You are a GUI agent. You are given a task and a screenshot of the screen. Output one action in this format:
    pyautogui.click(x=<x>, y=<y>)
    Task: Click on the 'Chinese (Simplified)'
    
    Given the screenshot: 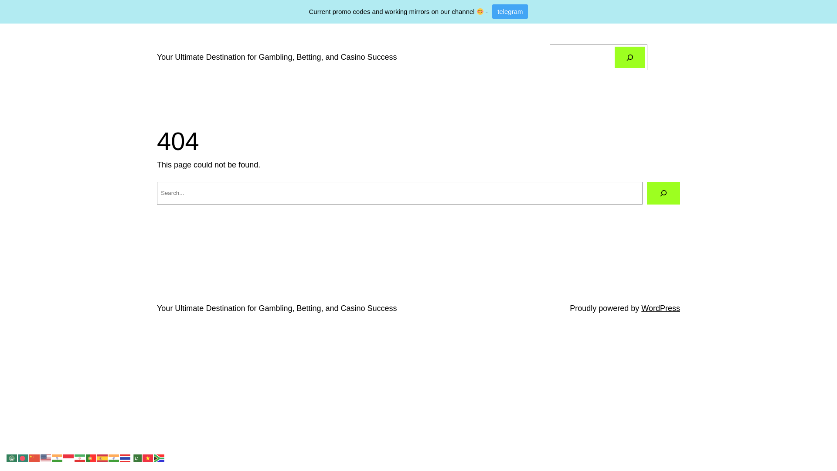 What is the action you would take?
    pyautogui.click(x=29, y=457)
    